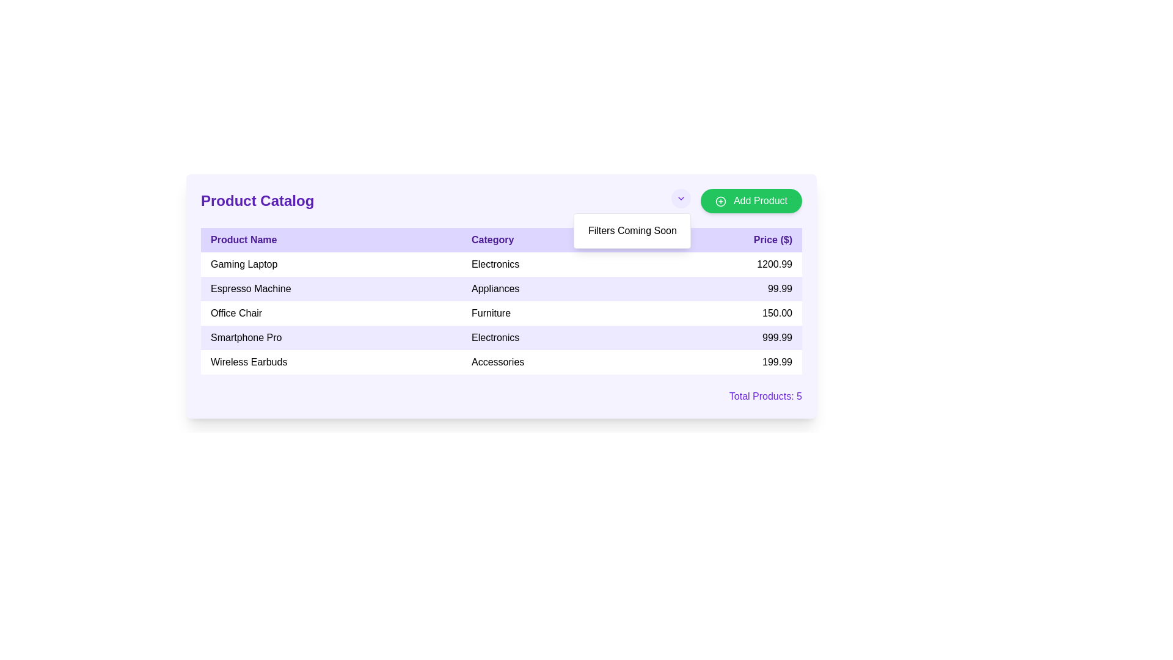 The width and height of the screenshot is (1173, 660). Describe the element at coordinates (501, 337) in the screenshot. I see `the fourth row in the table containing 'Smartphone Pro', 'Electronics', and '999.99', located between 'Office Chair' and 'Wireless Earbuds'` at that location.